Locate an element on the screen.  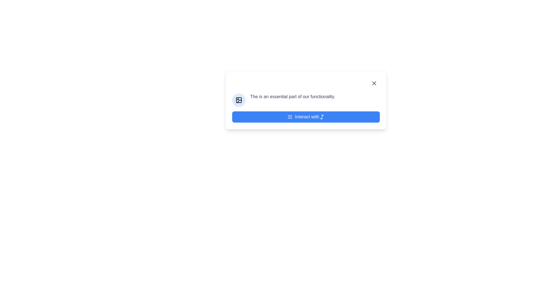
the decorative icon located inside a circular background, positioned to the left of the text 'The is an essential part of our functionality.' is located at coordinates (239, 100).